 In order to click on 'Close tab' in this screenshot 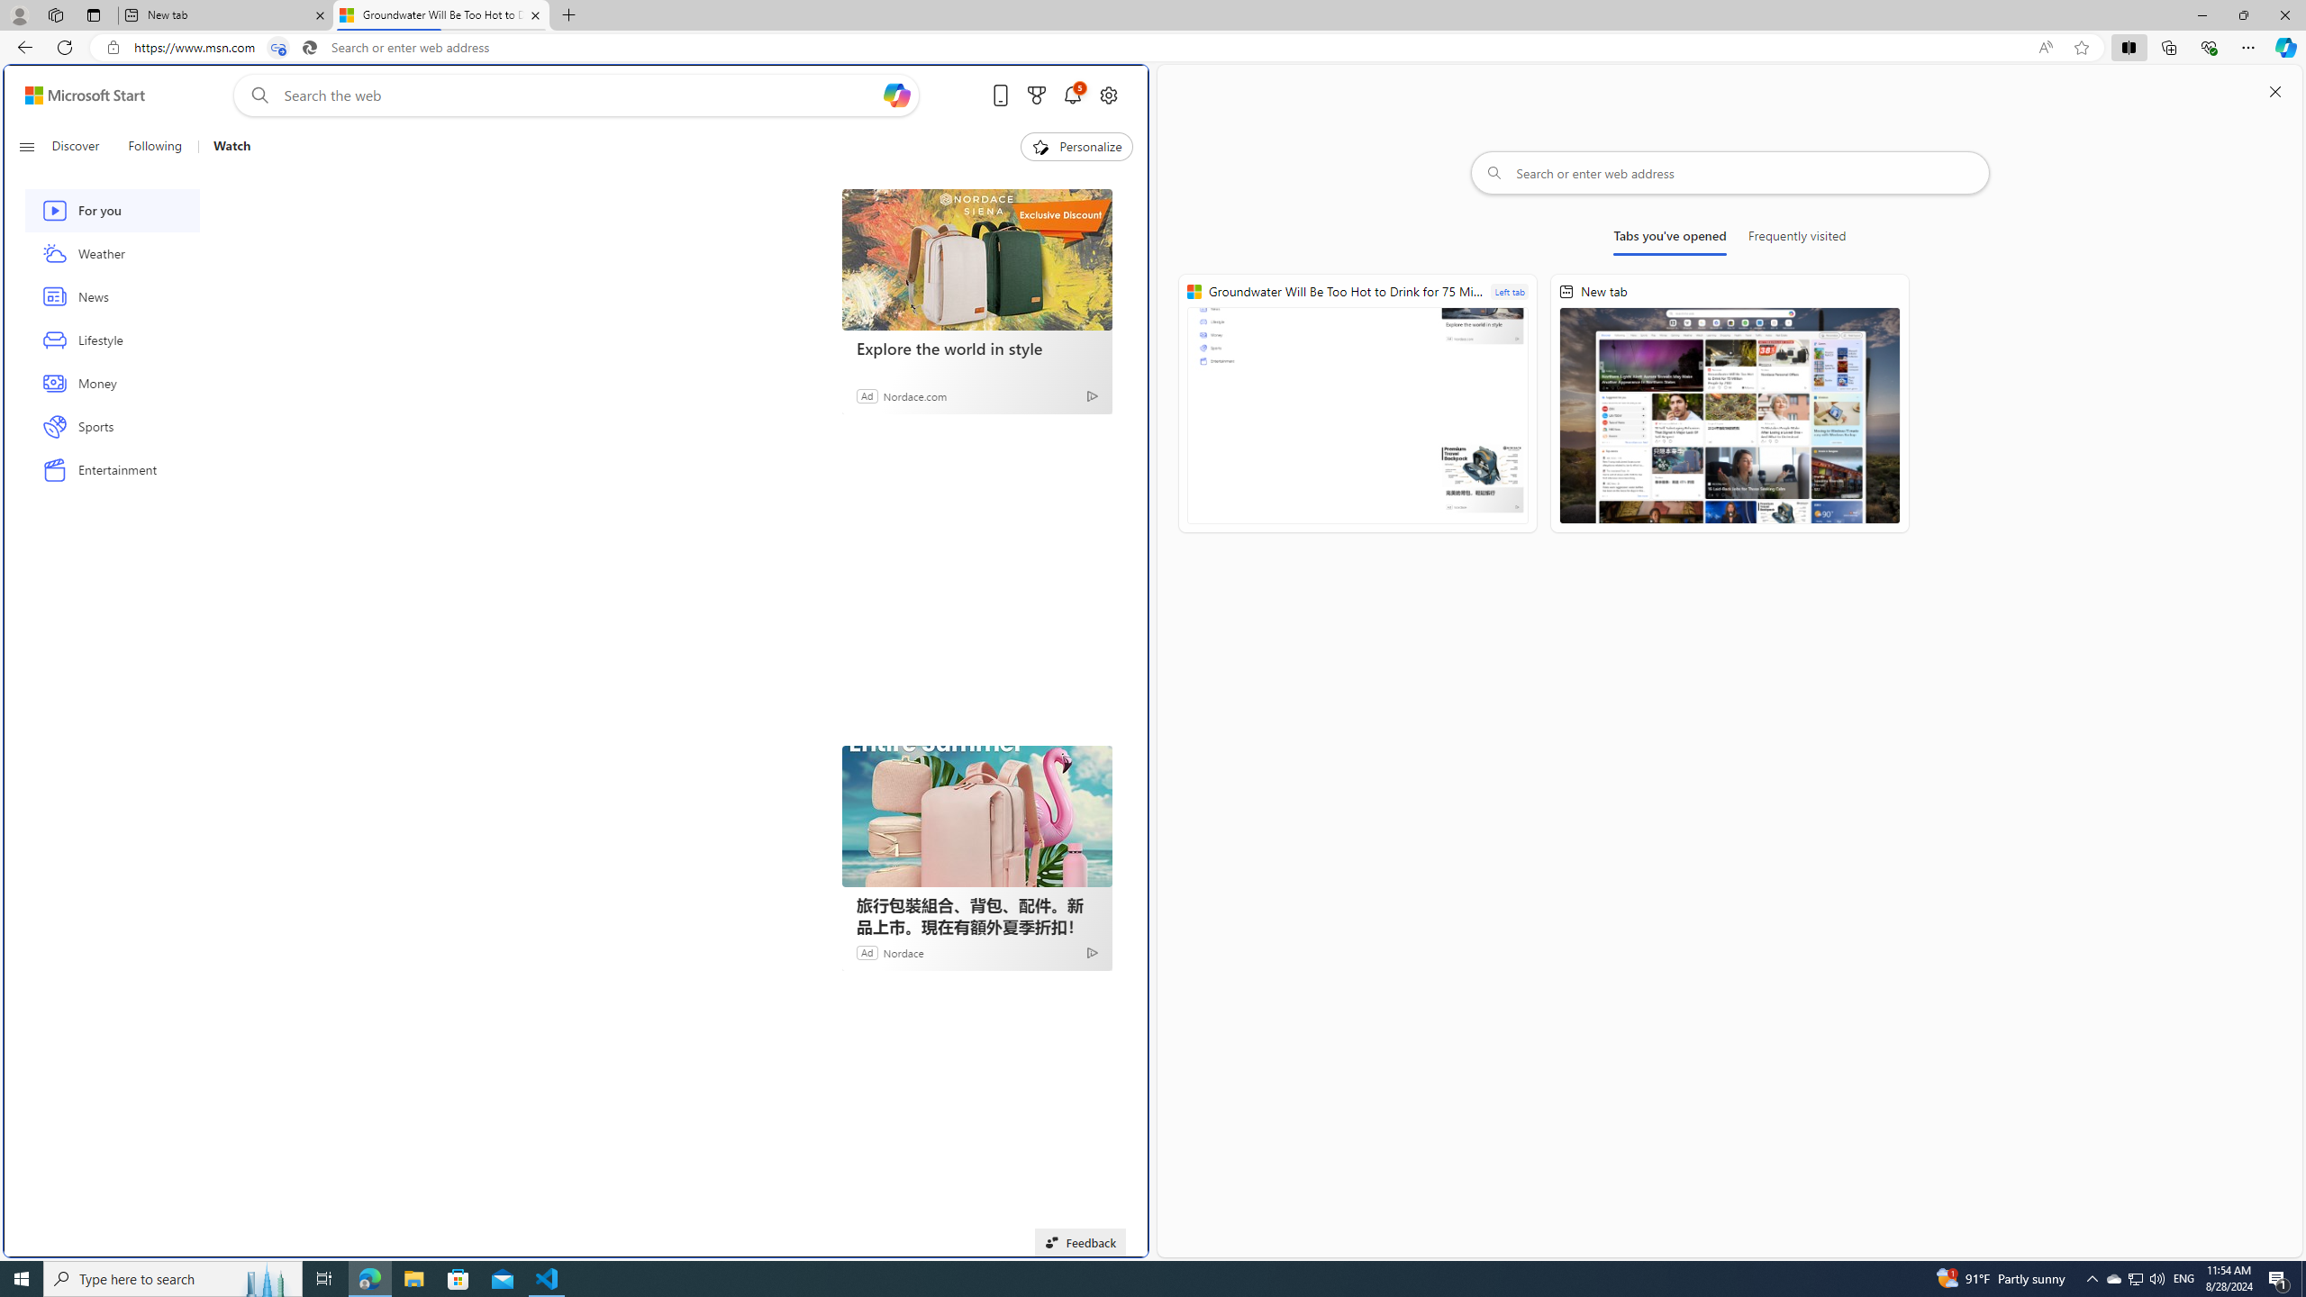, I will do `click(536, 14)`.